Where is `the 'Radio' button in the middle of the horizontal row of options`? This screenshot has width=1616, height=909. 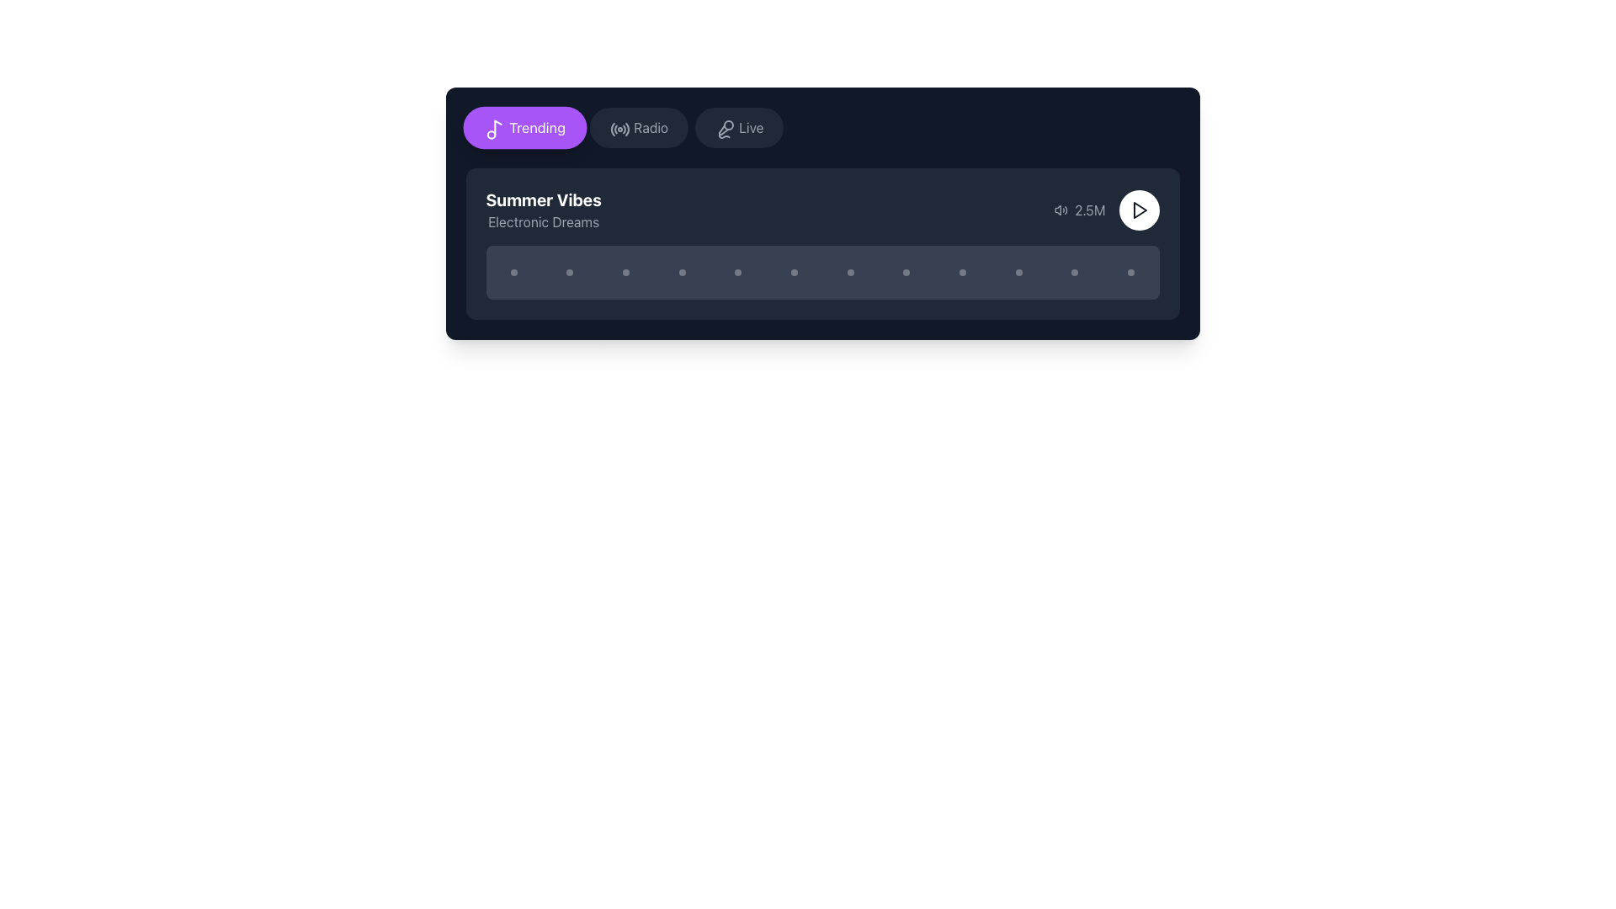
the 'Radio' button in the middle of the horizontal row of options is located at coordinates (650, 126).